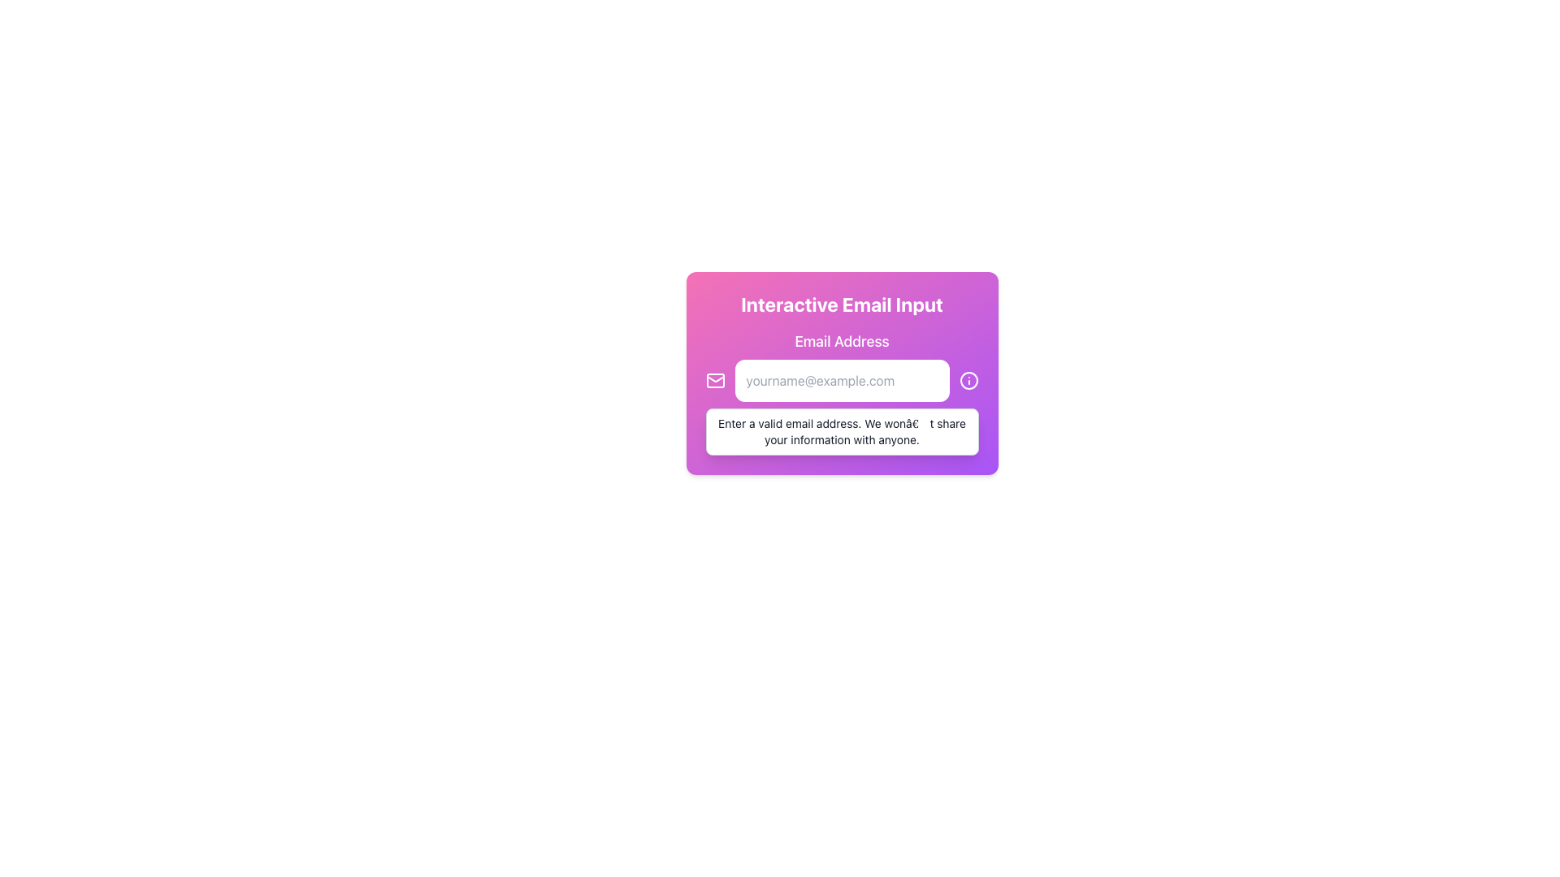 The width and height of the screenshot is (1560, 877). Describe the element at coordinates (842, 381) in the screenshot. I see `the email input field with placeholder text 'yourname@example.com' to focus on it` at that location.